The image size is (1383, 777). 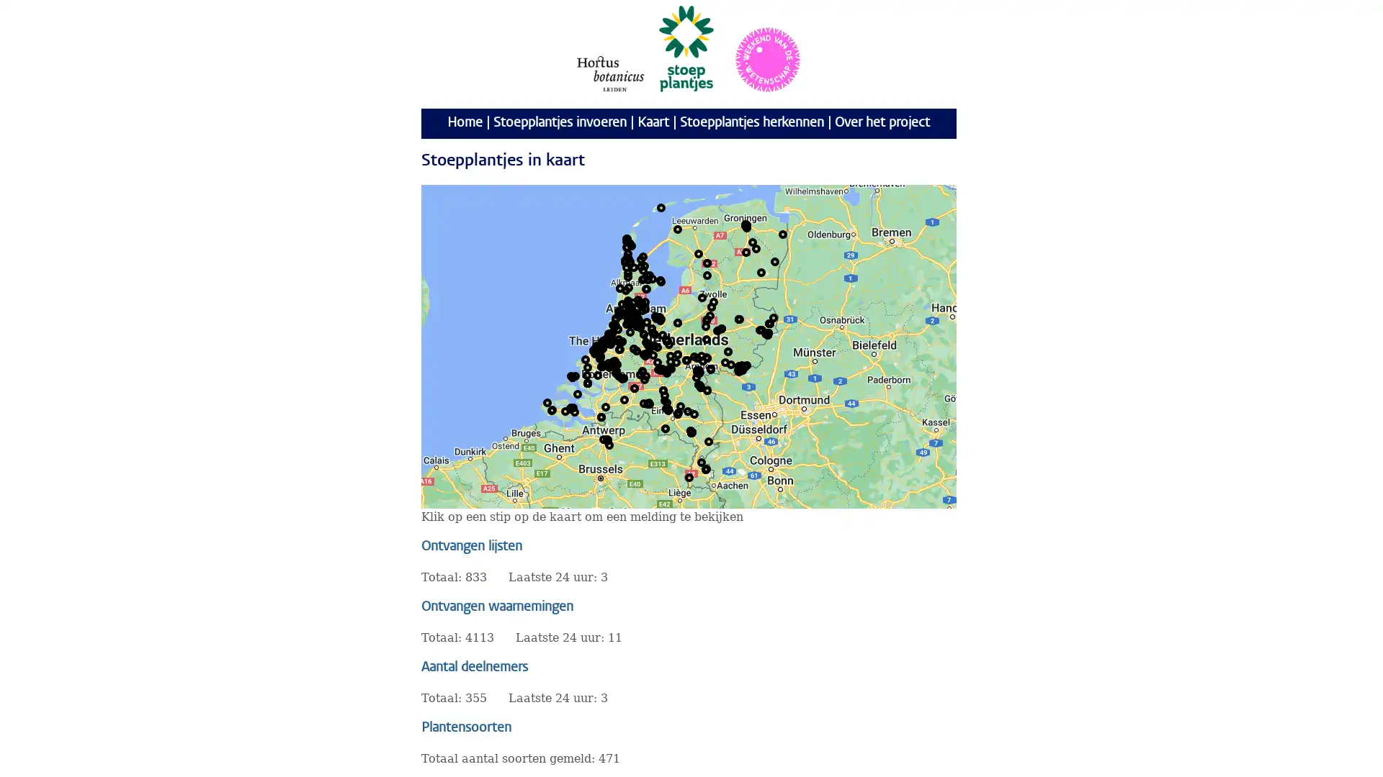 I want to click on Telling van Maartje op 21 april 2022, so click(x=635, y=316).